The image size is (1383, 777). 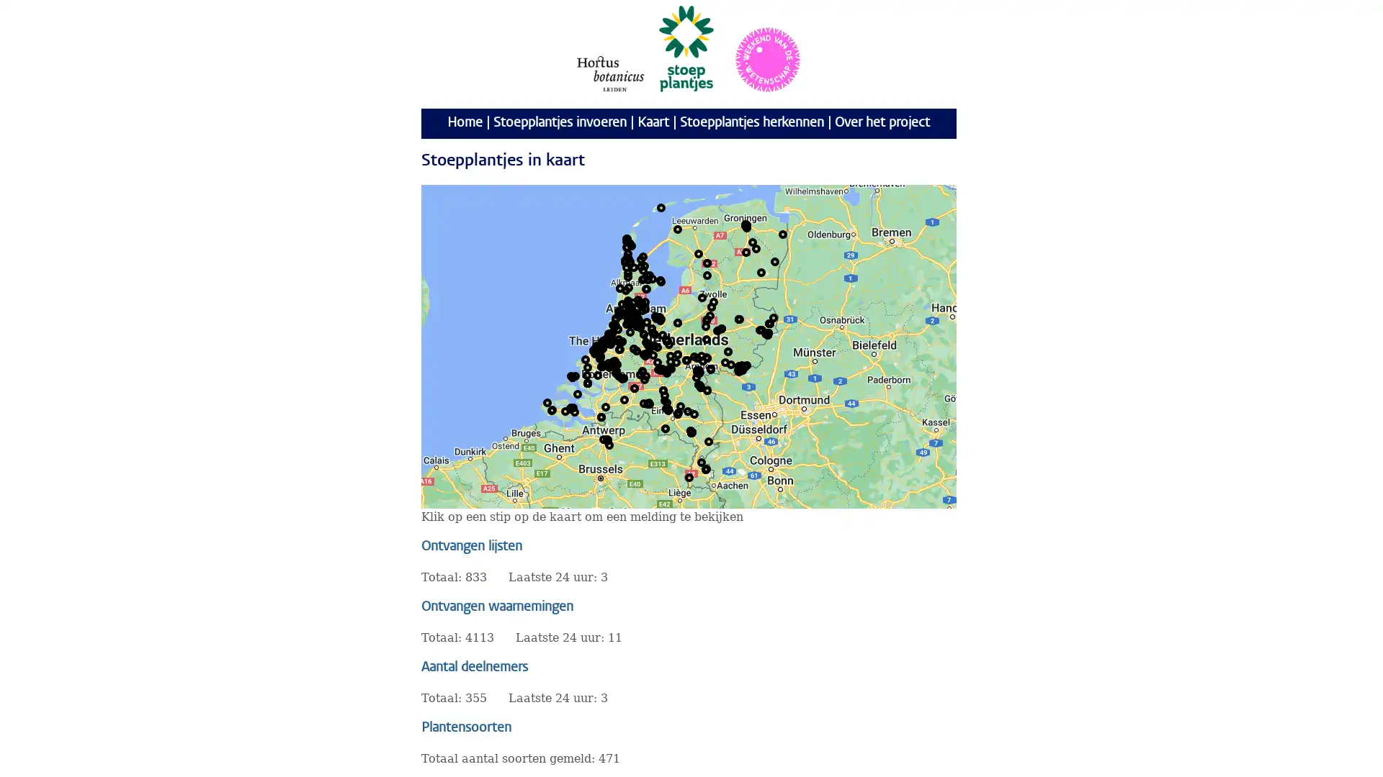 I want to click on Telling van Maartje op 21 april 2022, so click(x=635, y=316).